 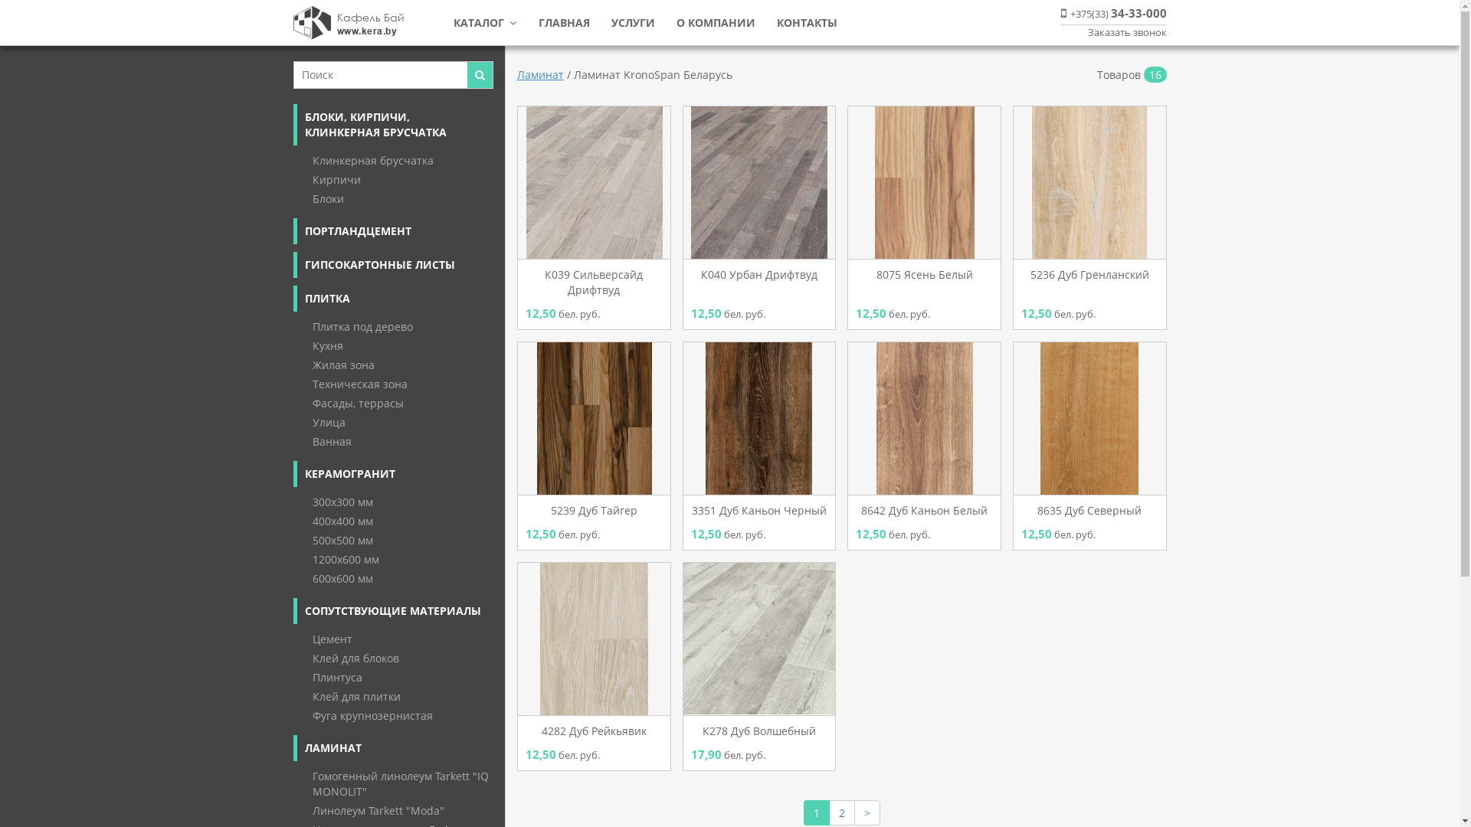 I want to click on '>', so click(x=867, y=812).